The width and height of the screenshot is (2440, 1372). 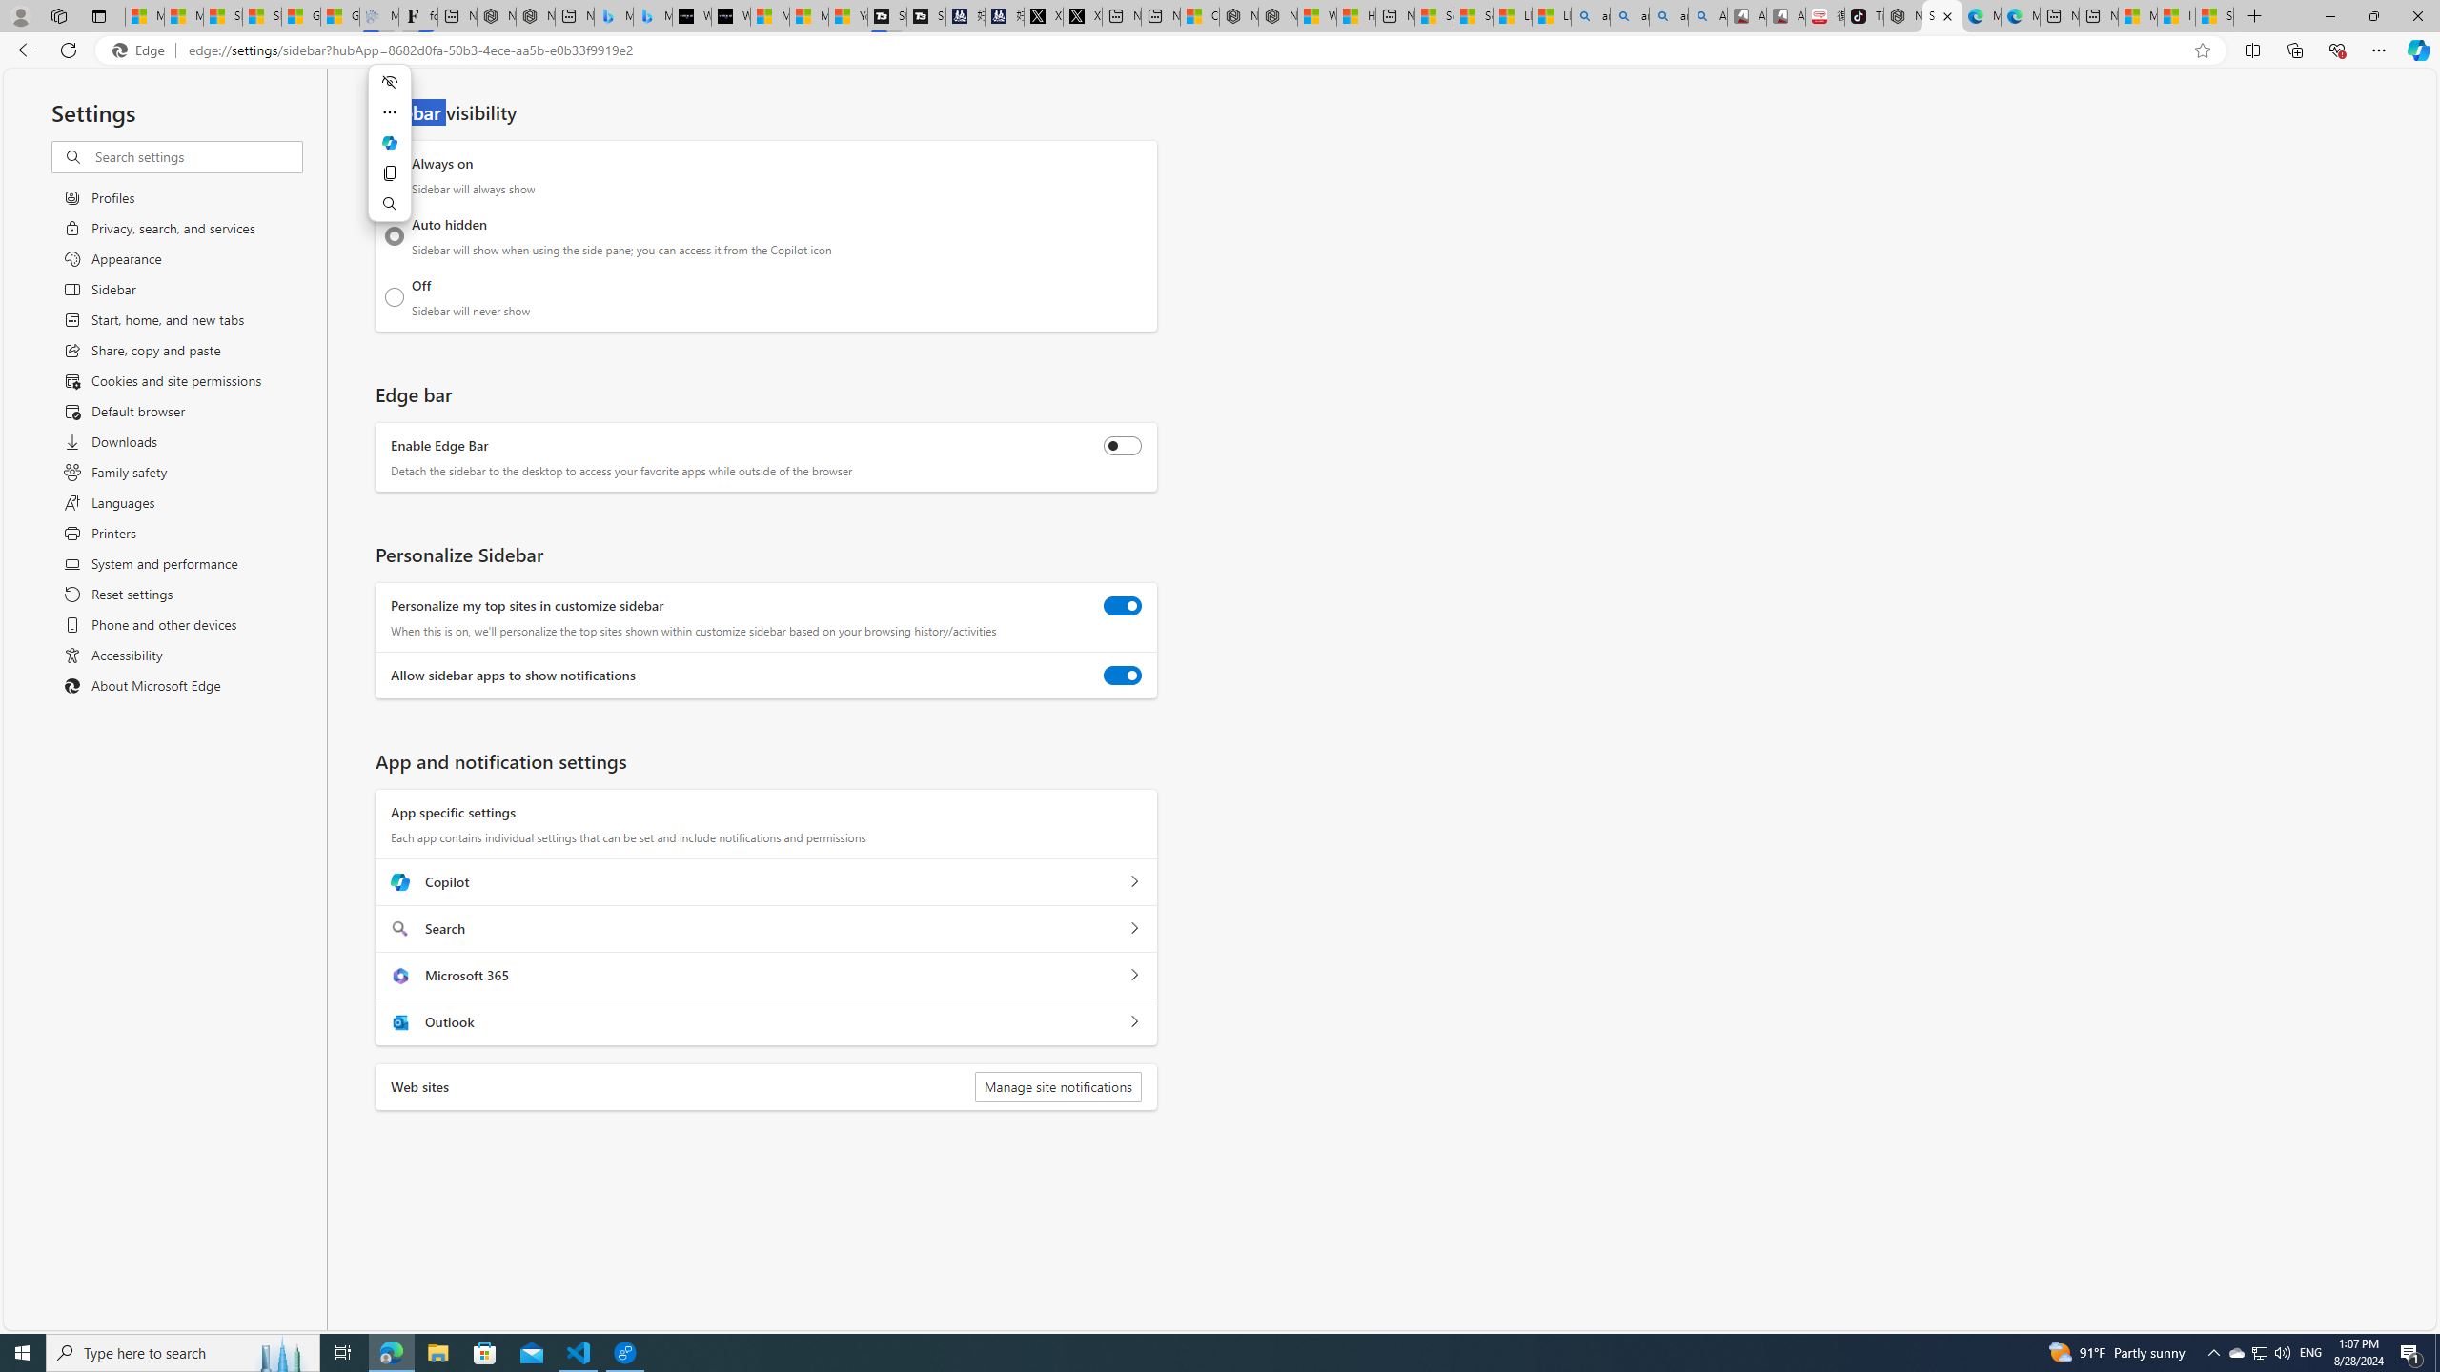 I want to click on 'Mini menu on text selection', so click(x=389, y=153).